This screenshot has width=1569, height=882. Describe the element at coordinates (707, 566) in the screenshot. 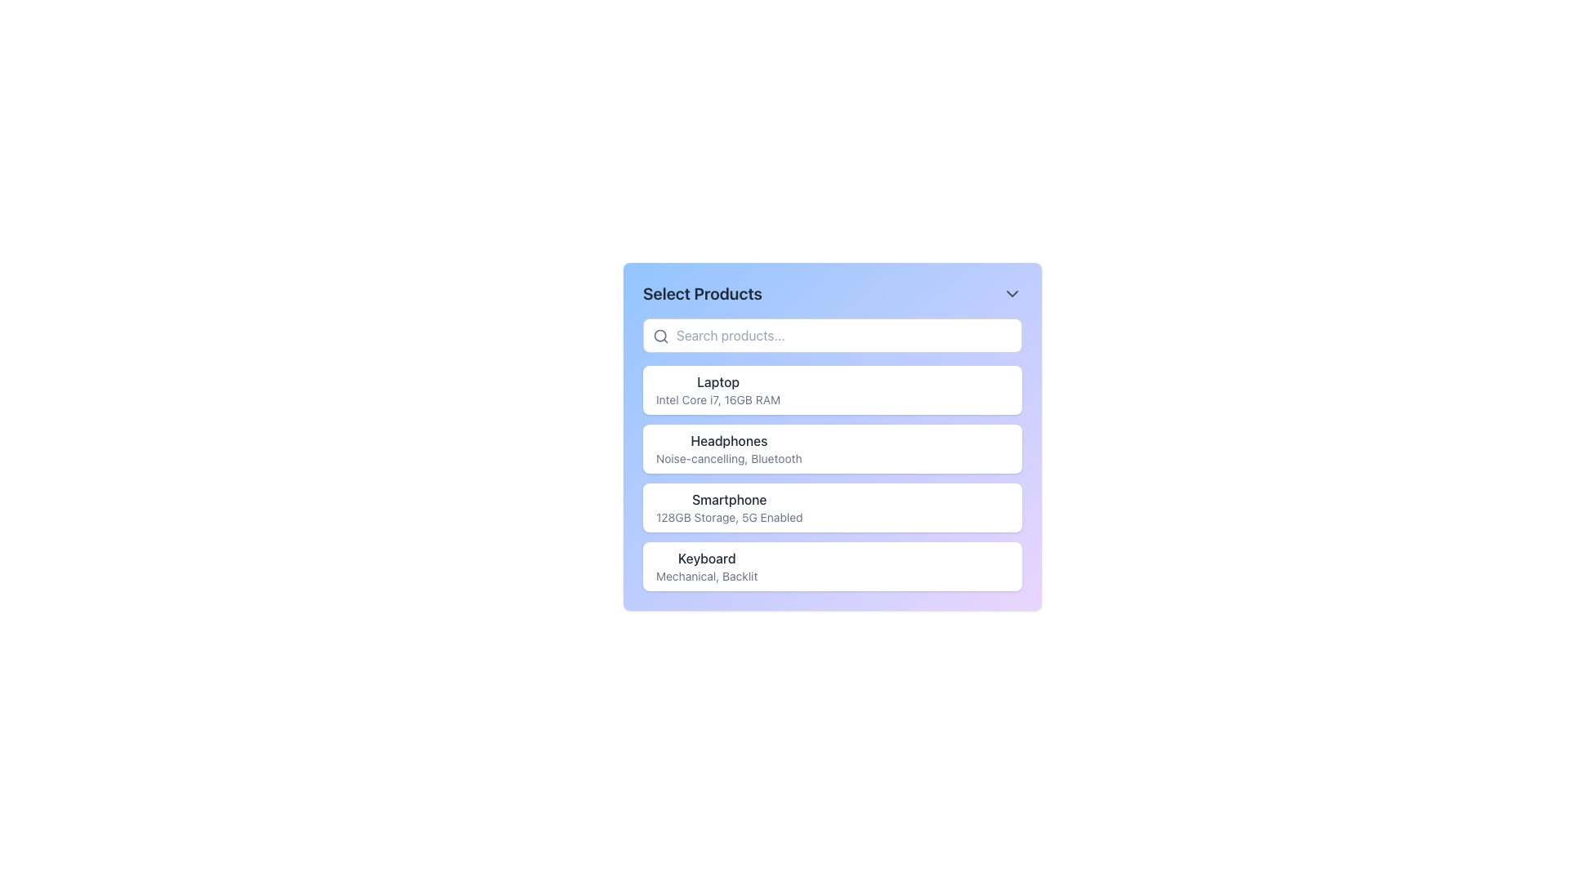

I see `text information from the Text Label element that displays 'Keyboard' in bold and 'Mechanical, Backlit' in smaller font` at that location.